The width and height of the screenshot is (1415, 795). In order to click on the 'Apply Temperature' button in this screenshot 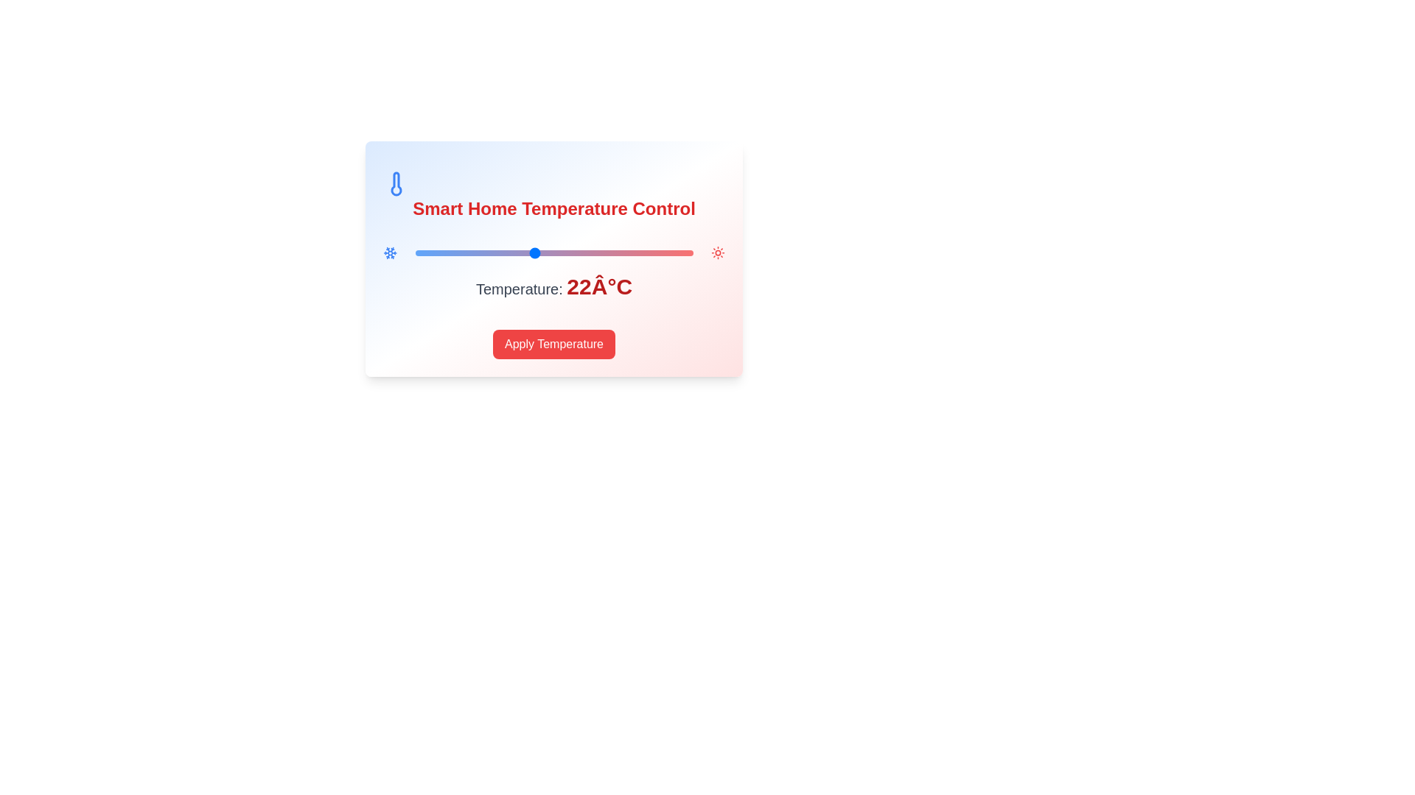, I will do `click(553, 344)`.